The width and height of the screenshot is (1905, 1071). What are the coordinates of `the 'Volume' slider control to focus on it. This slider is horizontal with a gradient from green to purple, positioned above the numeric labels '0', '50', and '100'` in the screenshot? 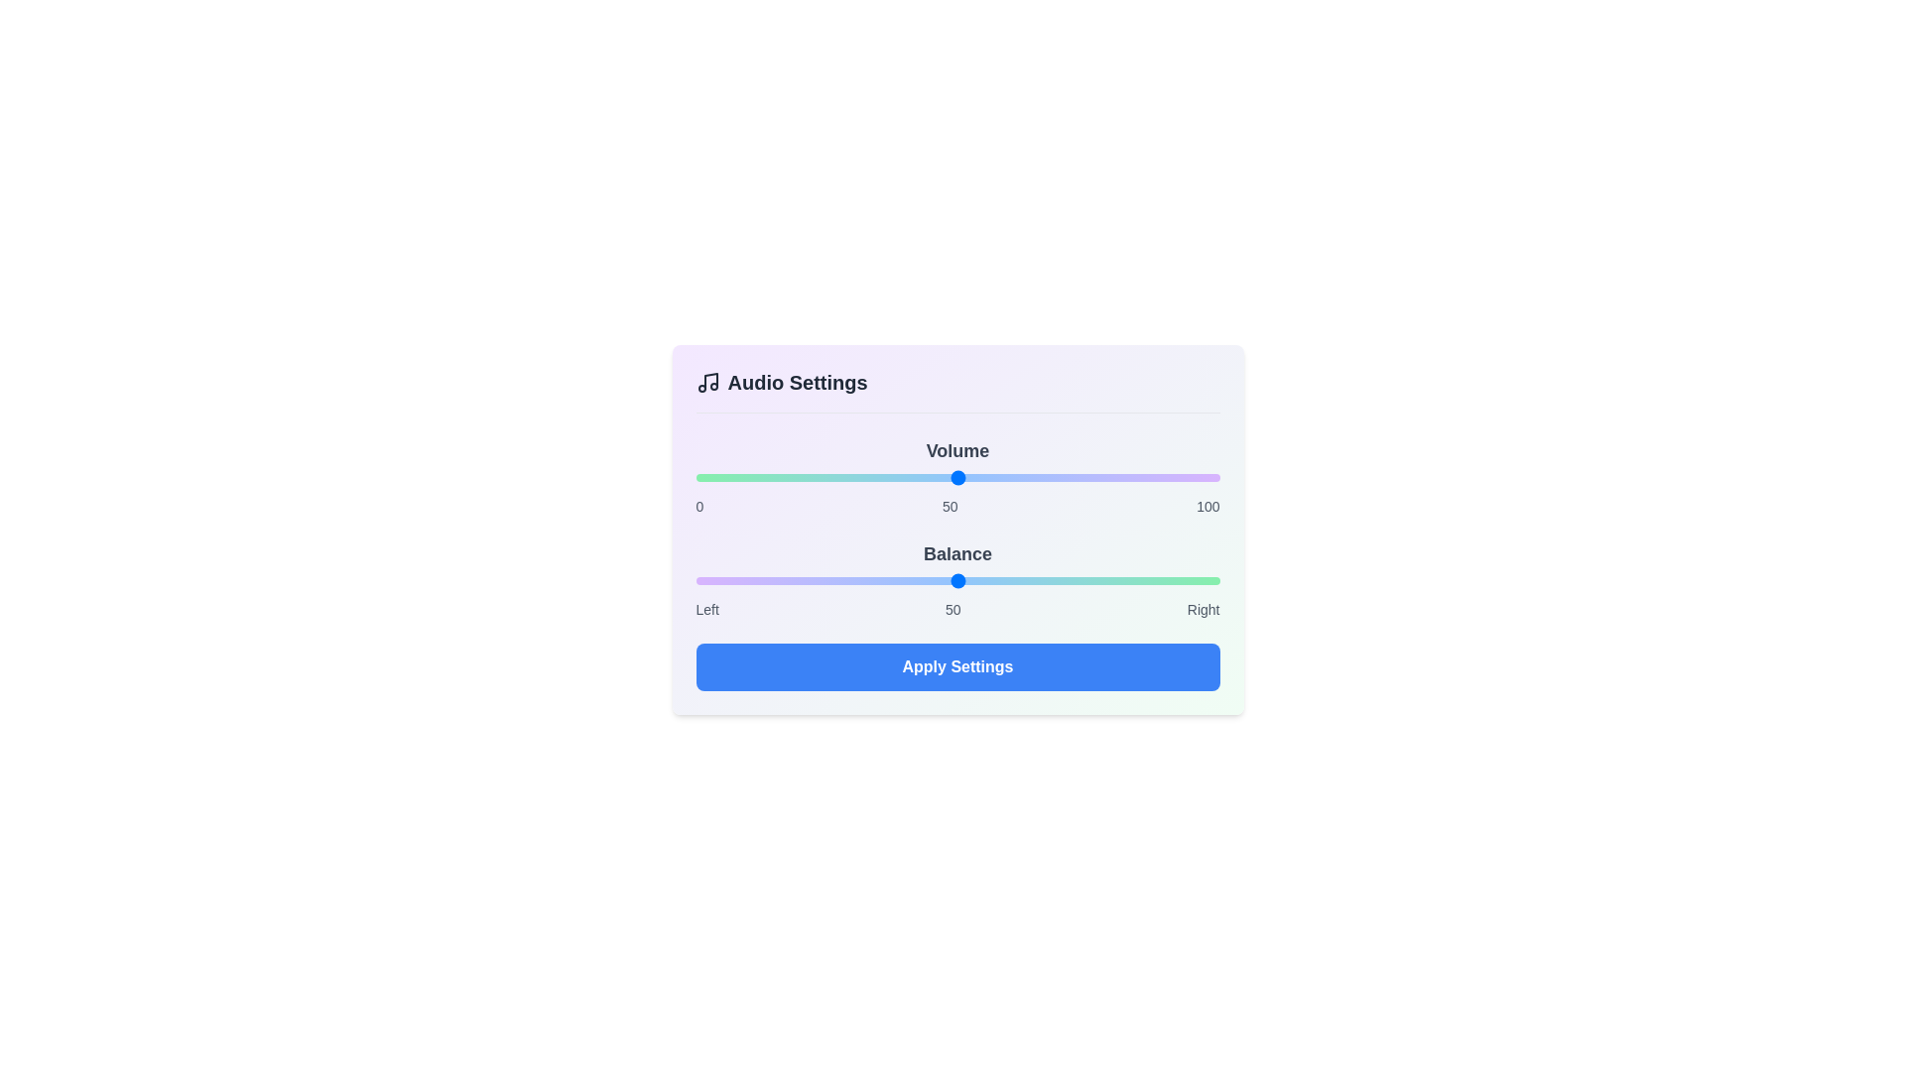 It's located at (957, 477).